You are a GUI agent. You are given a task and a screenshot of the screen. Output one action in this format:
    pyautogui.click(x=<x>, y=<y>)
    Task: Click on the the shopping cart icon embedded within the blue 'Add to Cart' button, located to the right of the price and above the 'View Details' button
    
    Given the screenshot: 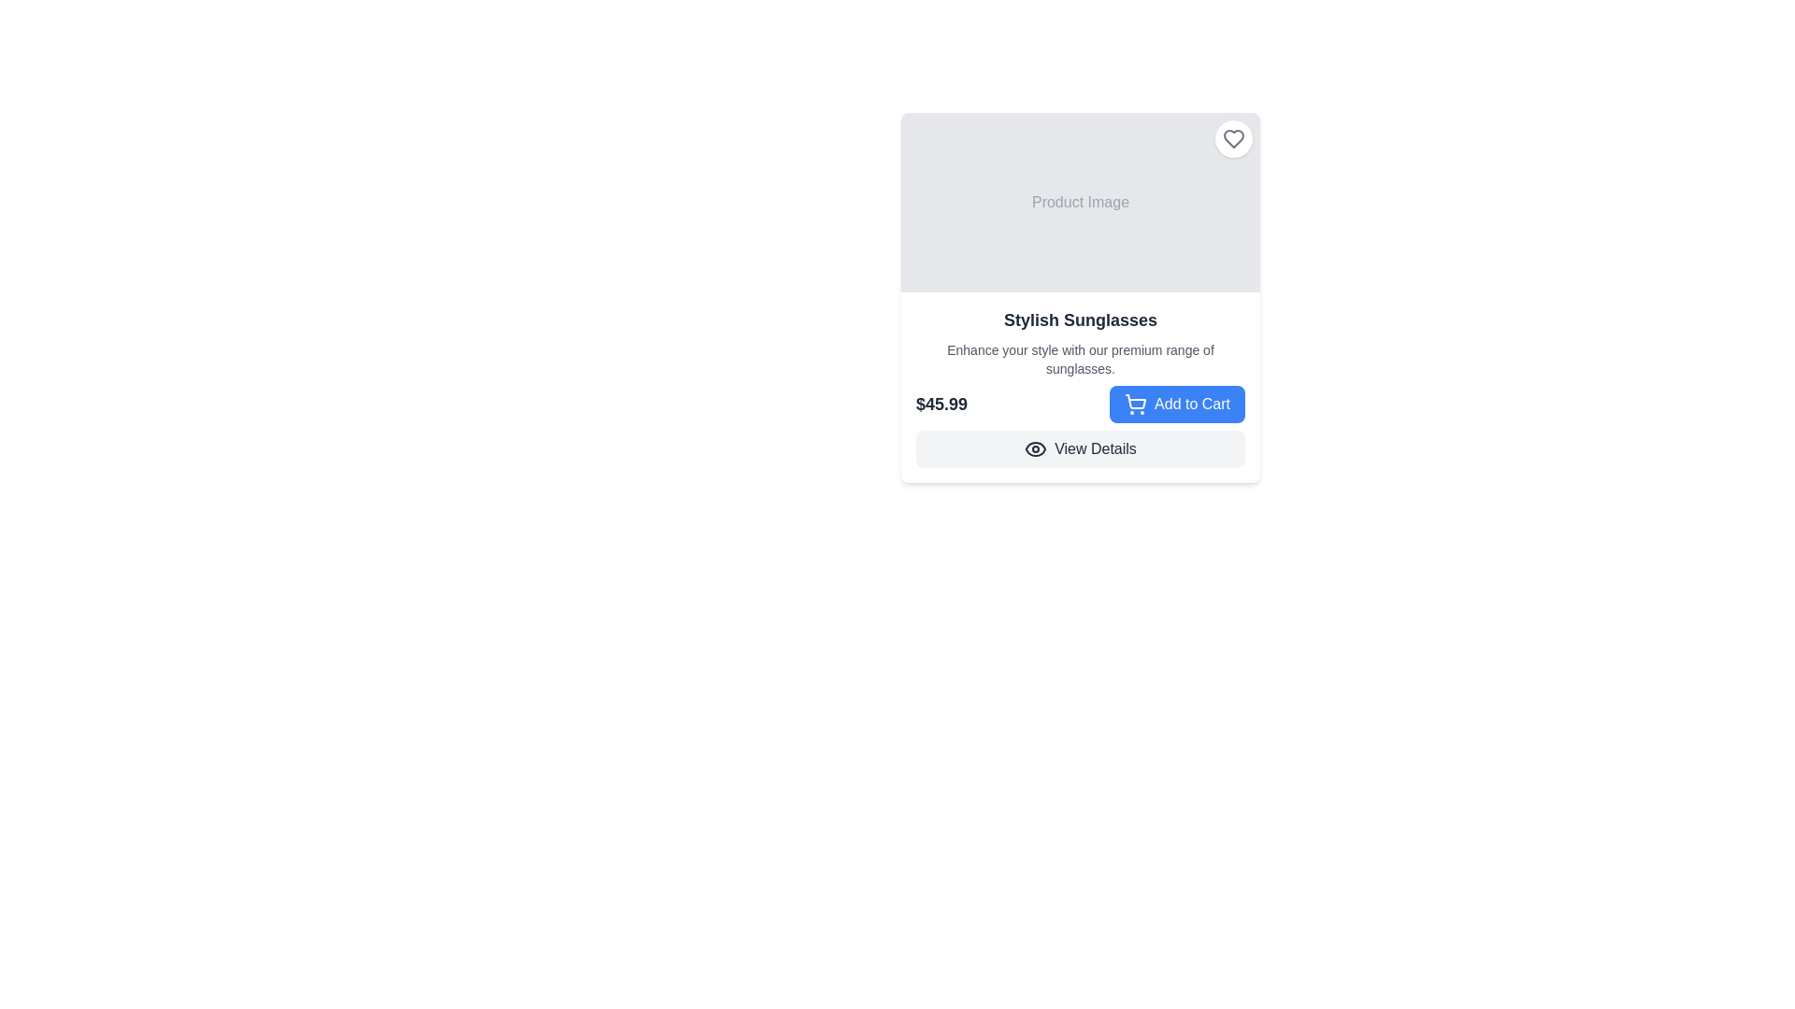 What is the action you would take?
    pyautogui.click(x=1134, y=403)
    